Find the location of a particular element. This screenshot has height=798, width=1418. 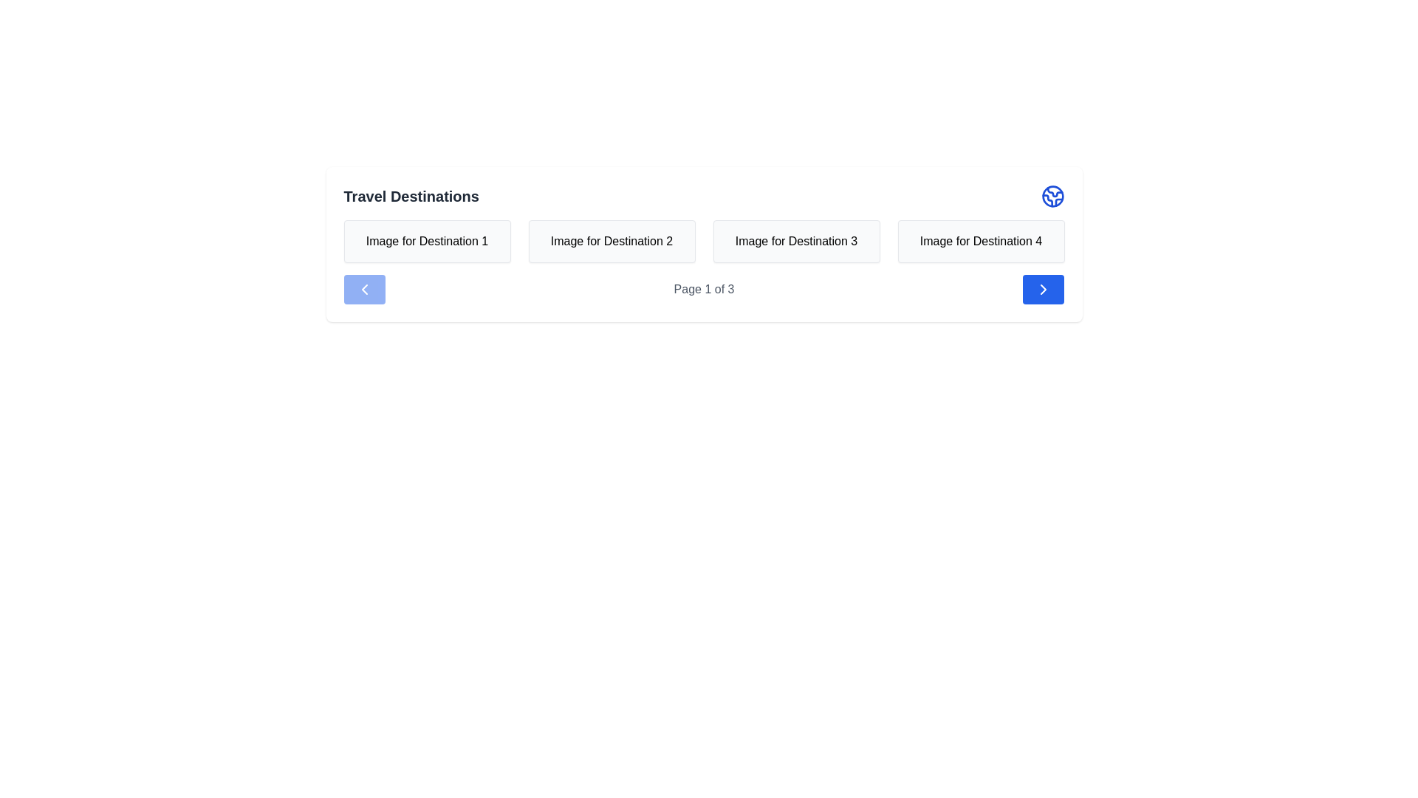

the circular blue globe icon located in the top-right corner of the 'Travel Destinations' section, which has intersecting curved lines is located at coordinates (1052, 196).